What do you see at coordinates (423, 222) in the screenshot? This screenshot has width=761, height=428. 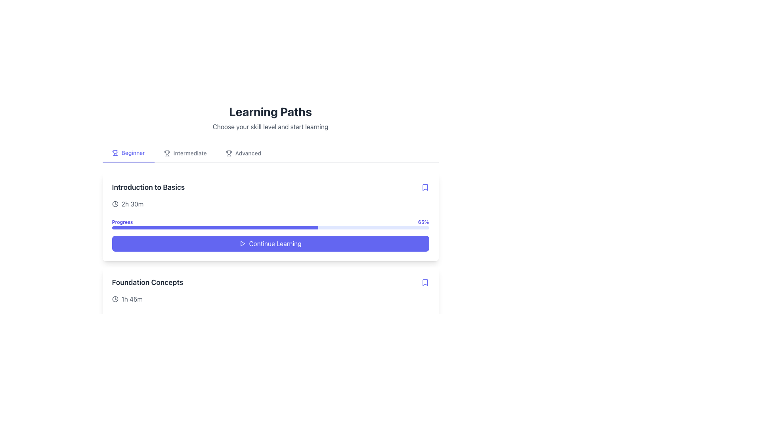 I see `percentage value displayed in the text label located at the far right corner of the top learning card, above the progress bar in the 'Progress' indicator section` at bounding box center [423, 222].